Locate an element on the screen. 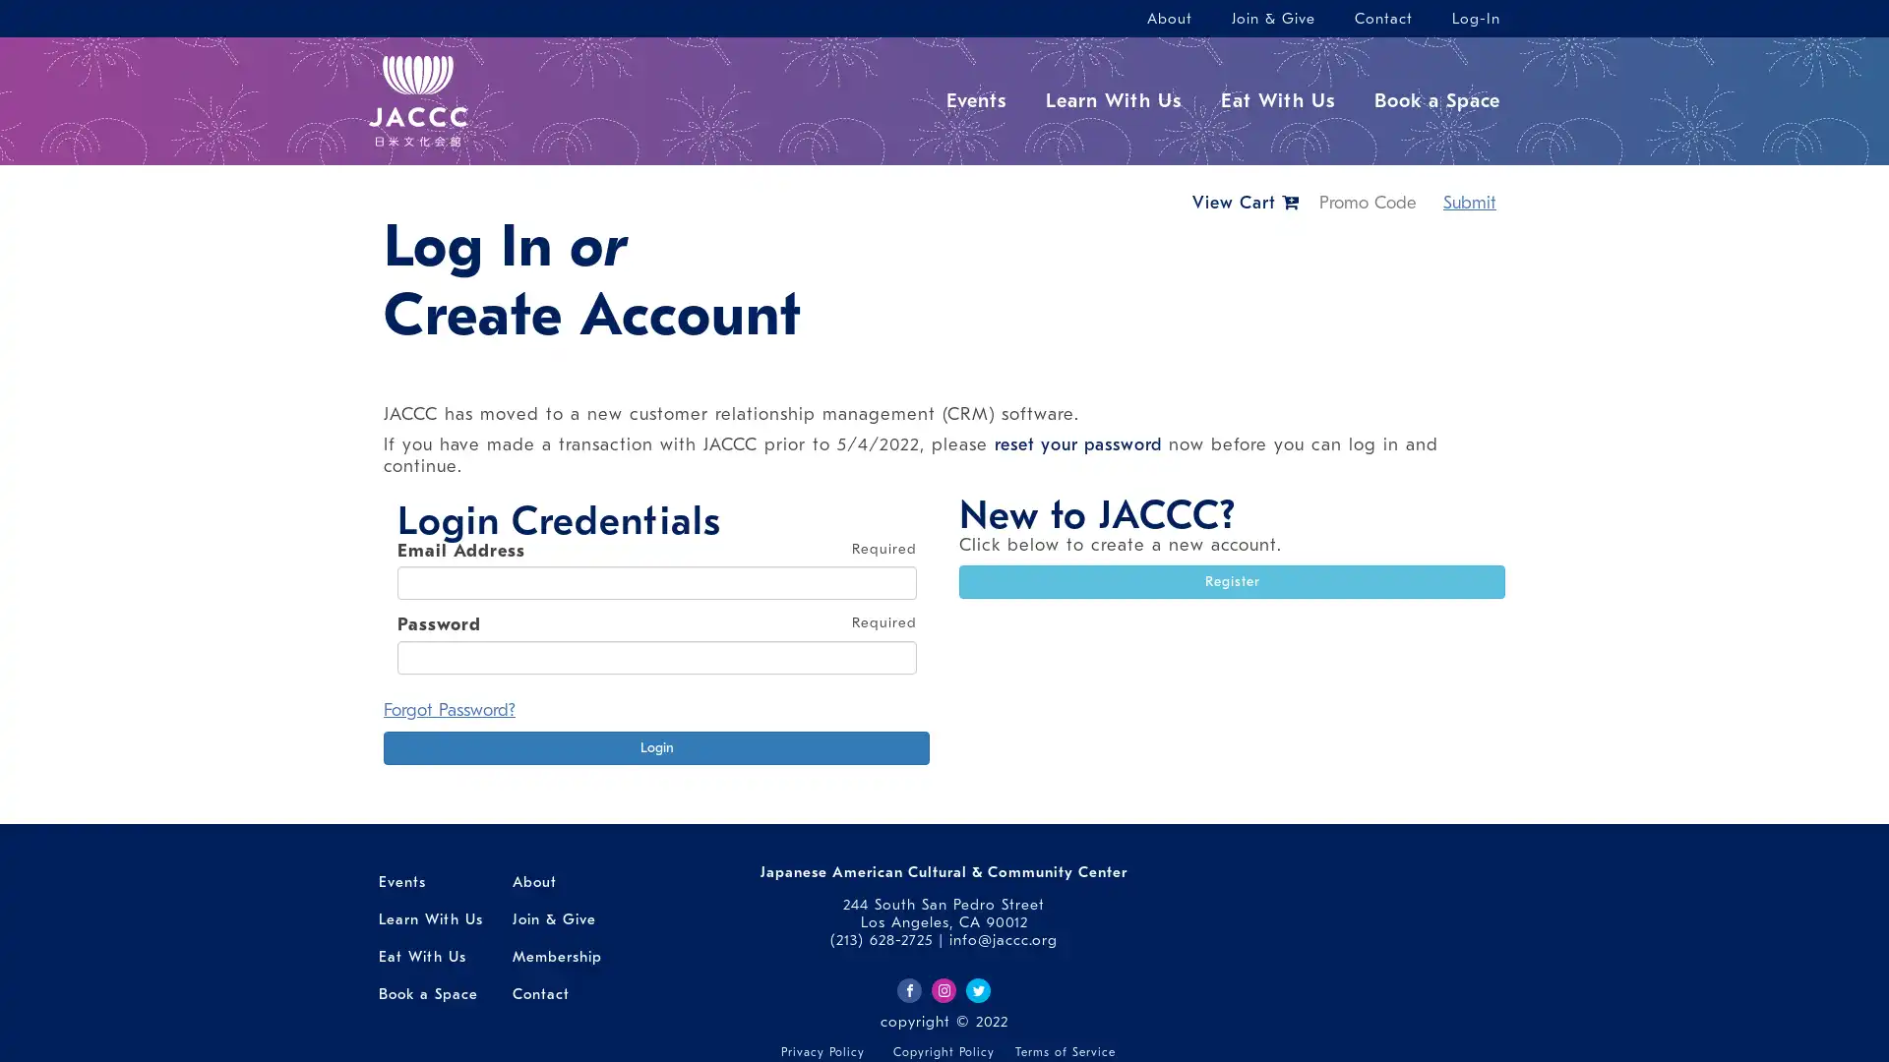  Login is located at coordinates (656, 746).